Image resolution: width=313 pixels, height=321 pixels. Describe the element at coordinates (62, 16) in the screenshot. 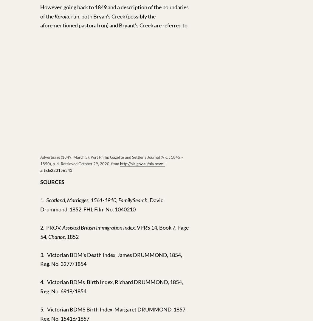

I see `'Koroite'` at that location.